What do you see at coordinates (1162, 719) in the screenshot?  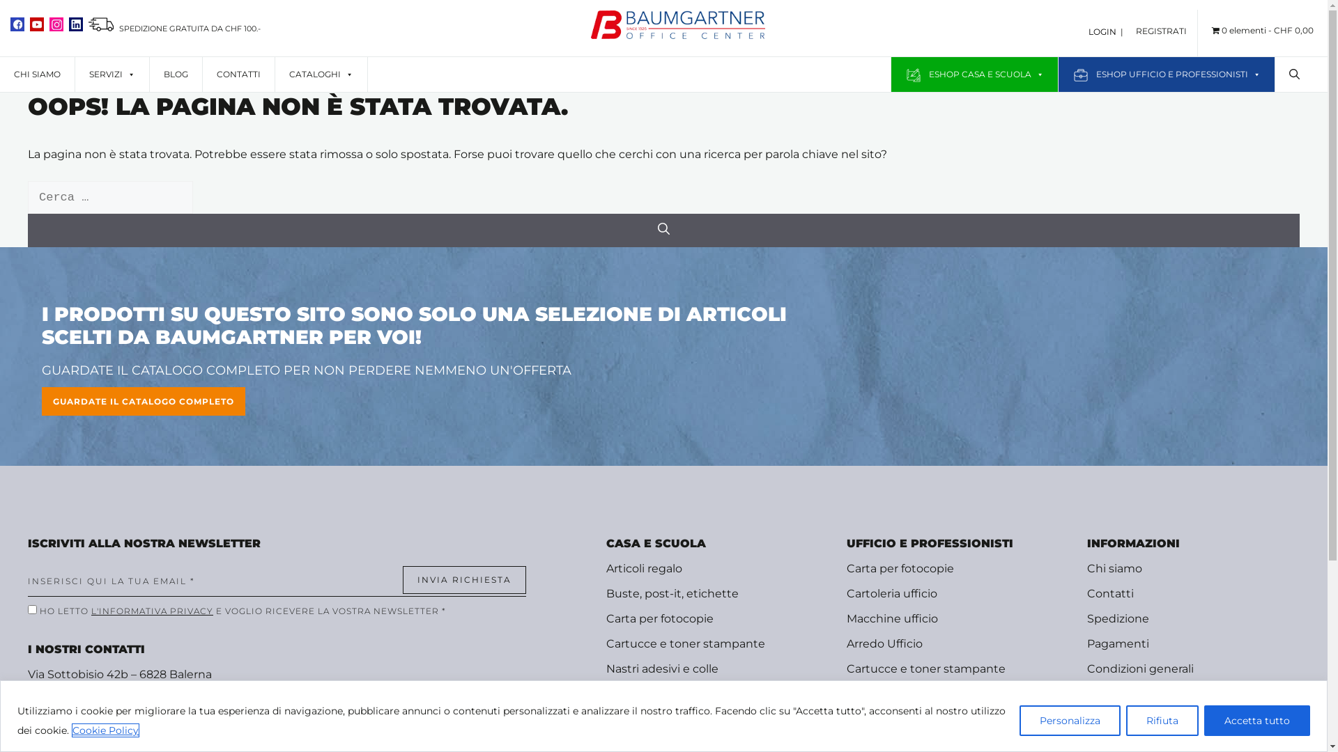 I see `'Rifiuta'` at bounding box center [1162, 719].